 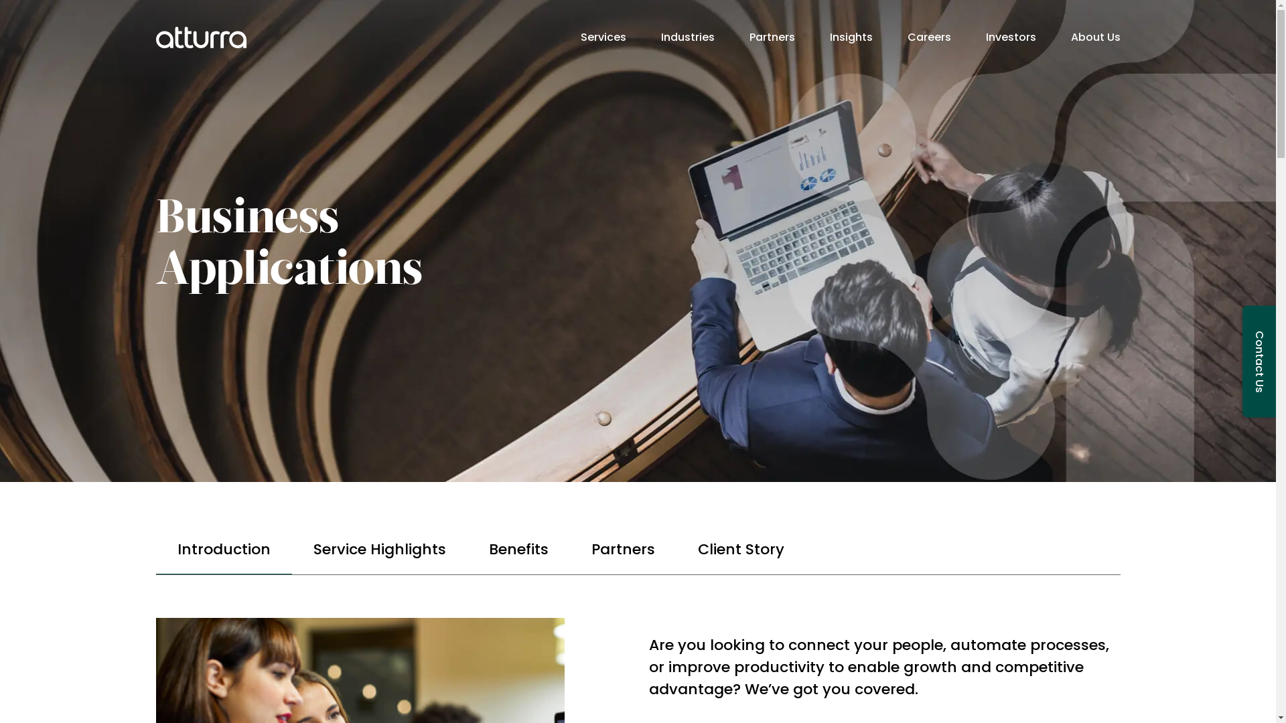 I want to click on 'Home', so click(x=200, y=37).